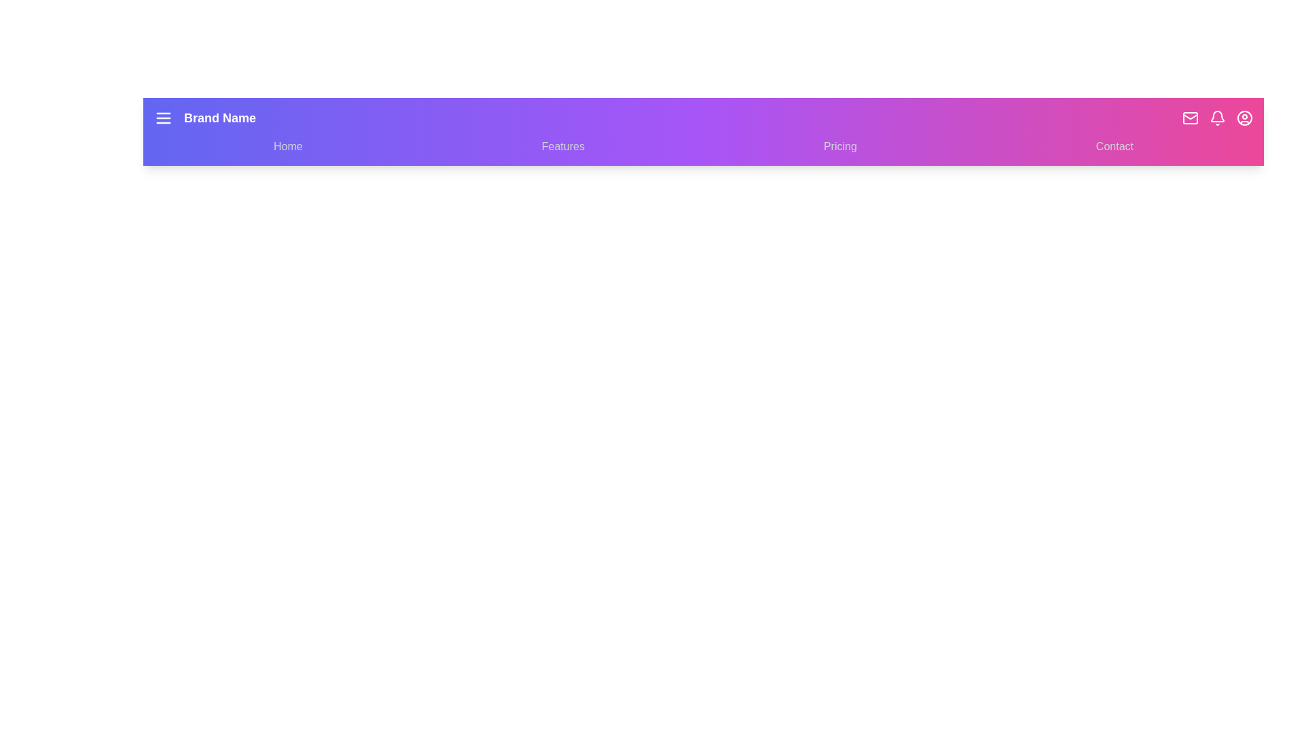 This screenshot has width=1304, height=734. What do you see at coordinates (839, 147) in the screenshot?
I see `the navigation link labeled Pricing` at bounding box center [839, 147].